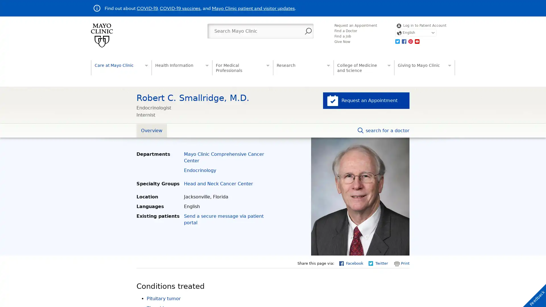 Image resolution: width=546 pixels, height=307 pixels. I want to click on English, so click(415, 33).